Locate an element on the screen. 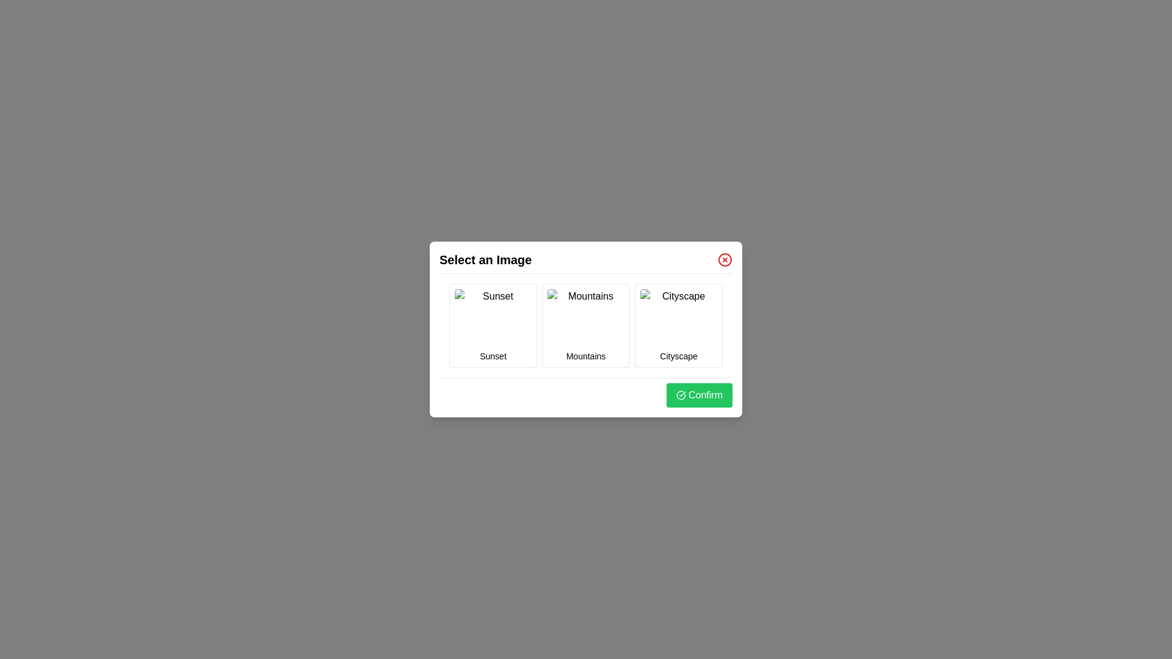 The width and height of the screenshot is (1172, 659). the confirm button to confirm the selection is located at coordinates (700, 395).